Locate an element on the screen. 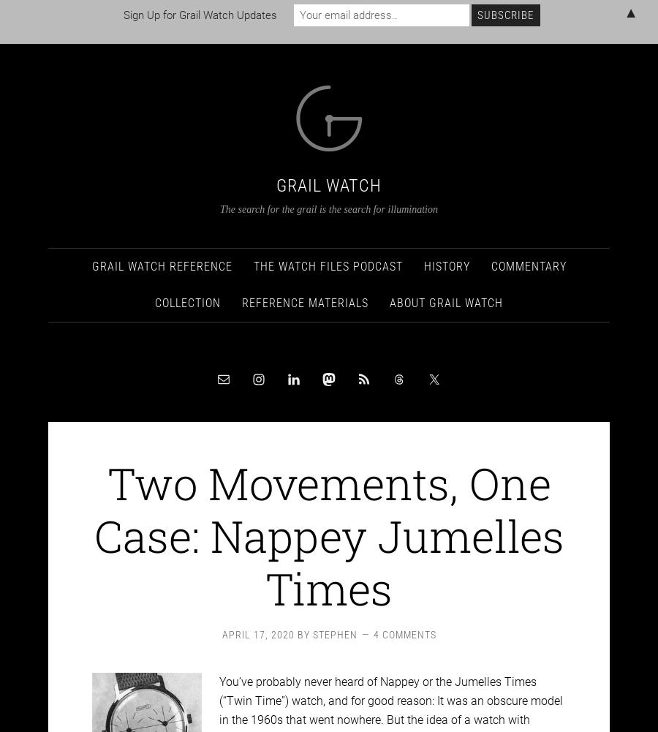 This screenshot has height=732, width=658. 'The Watch Files Podcast' is located at coordinates (328, 253).